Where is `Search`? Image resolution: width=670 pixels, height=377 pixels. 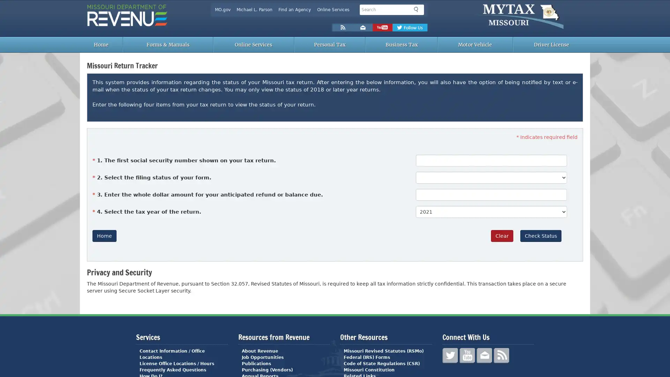
Search is located at coordinates (417, 9).